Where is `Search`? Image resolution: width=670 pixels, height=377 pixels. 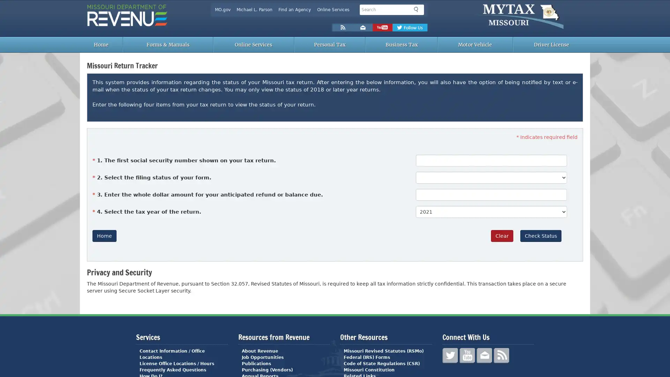
Search is located at coordinates (417, 9).